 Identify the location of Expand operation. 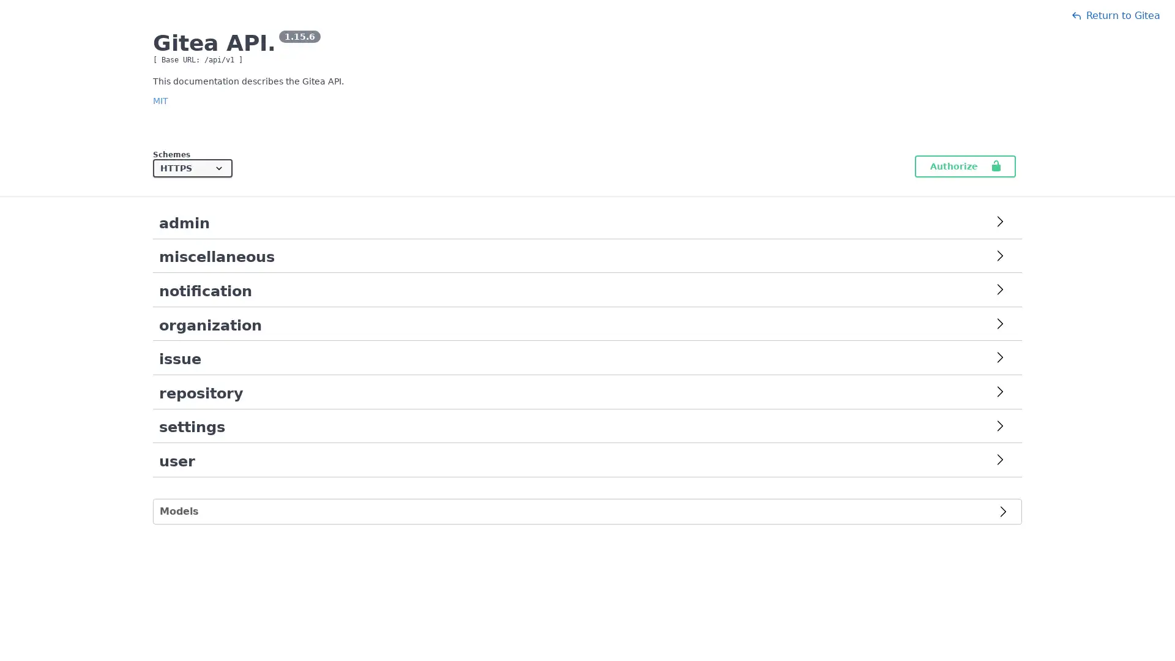
(999, 427).